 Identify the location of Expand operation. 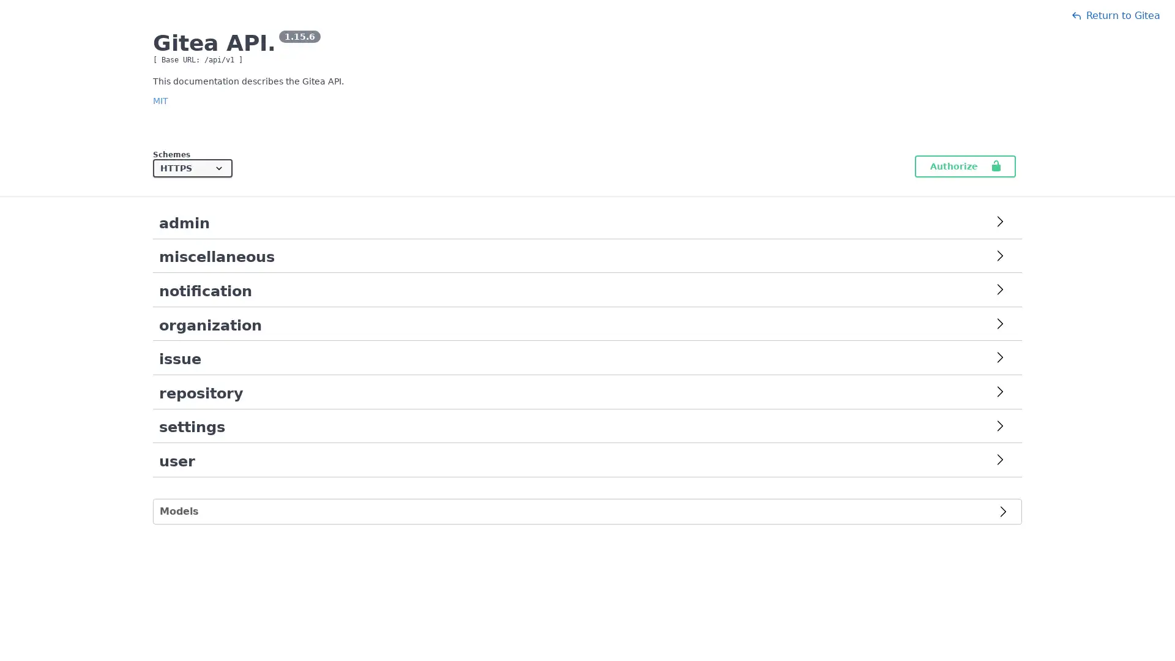
(999, 427).